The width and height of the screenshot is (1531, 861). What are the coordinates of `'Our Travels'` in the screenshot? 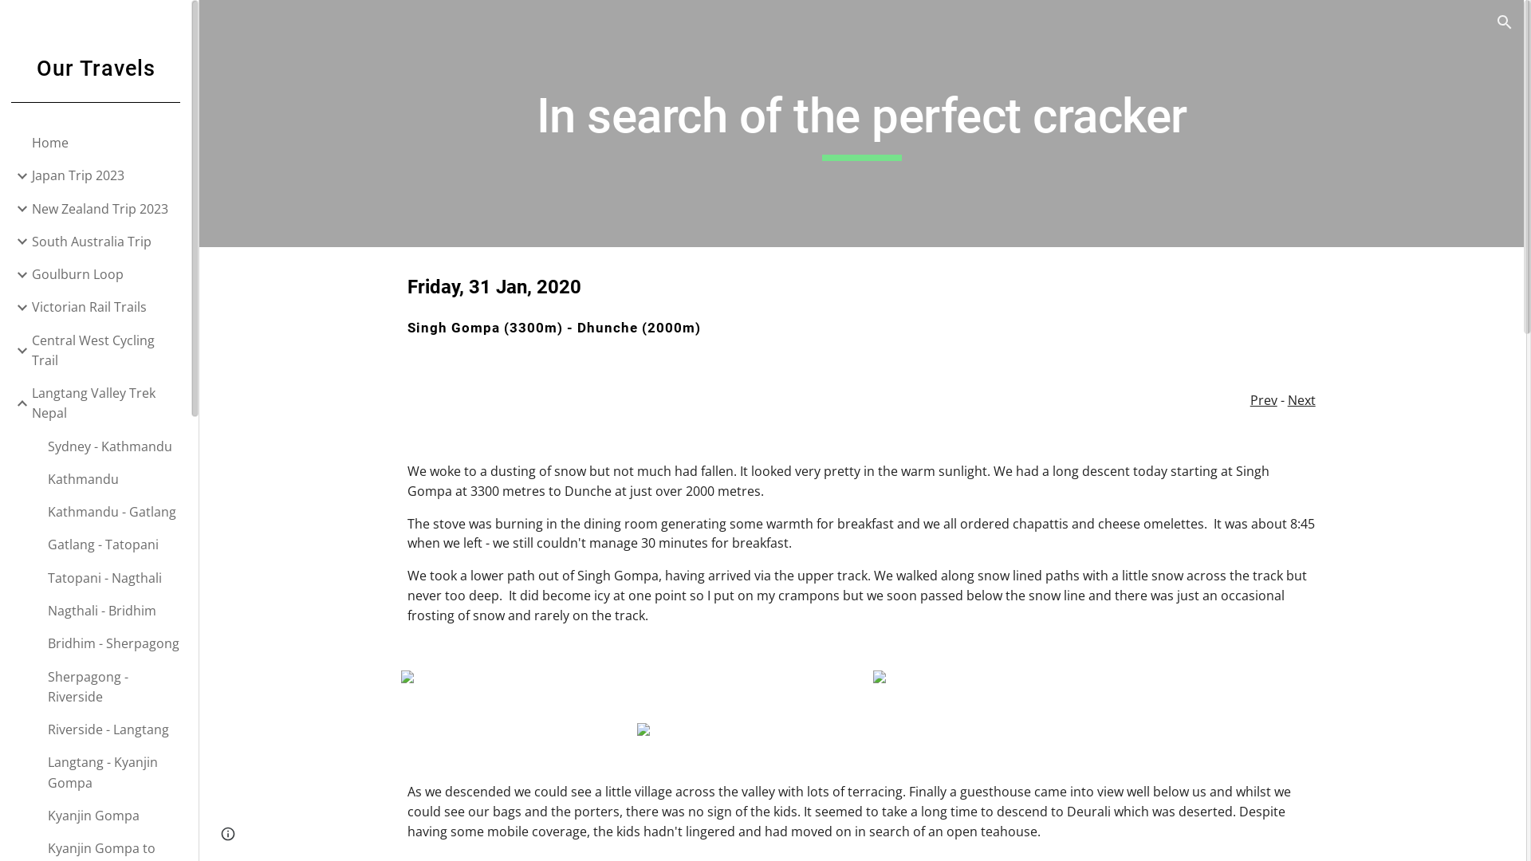 It's located at (0, 88).